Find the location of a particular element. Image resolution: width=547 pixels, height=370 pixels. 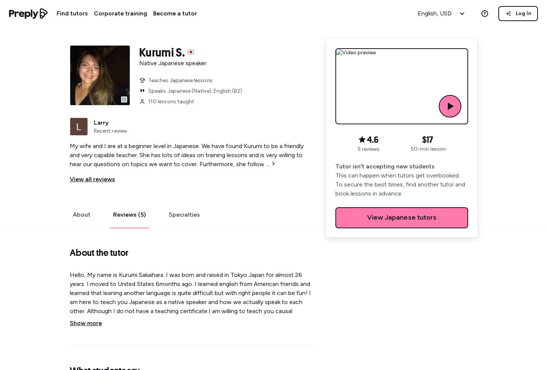

'17' is located at coordinates (429, 139).